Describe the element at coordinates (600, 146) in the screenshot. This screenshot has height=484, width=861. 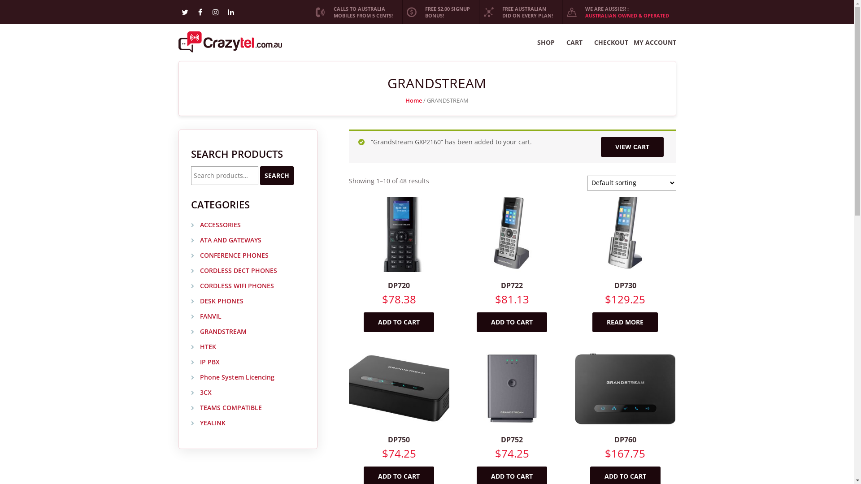
I see `'VIEW CART'` at that location.